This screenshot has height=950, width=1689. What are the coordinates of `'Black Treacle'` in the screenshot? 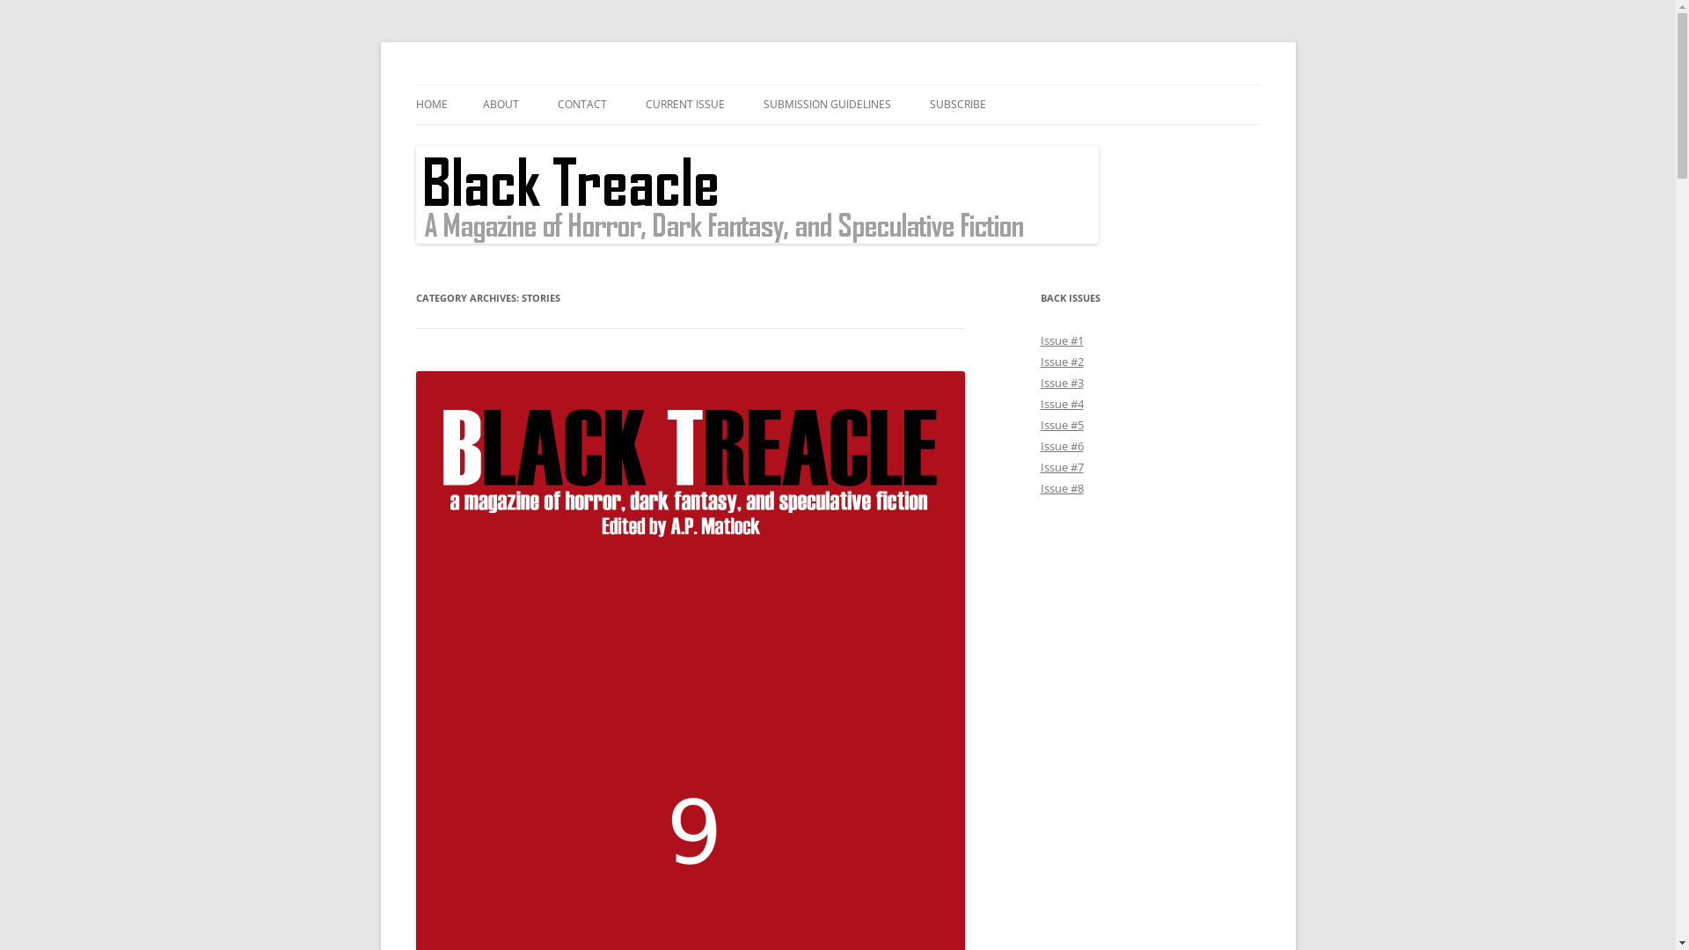 It's located at (413, 84).